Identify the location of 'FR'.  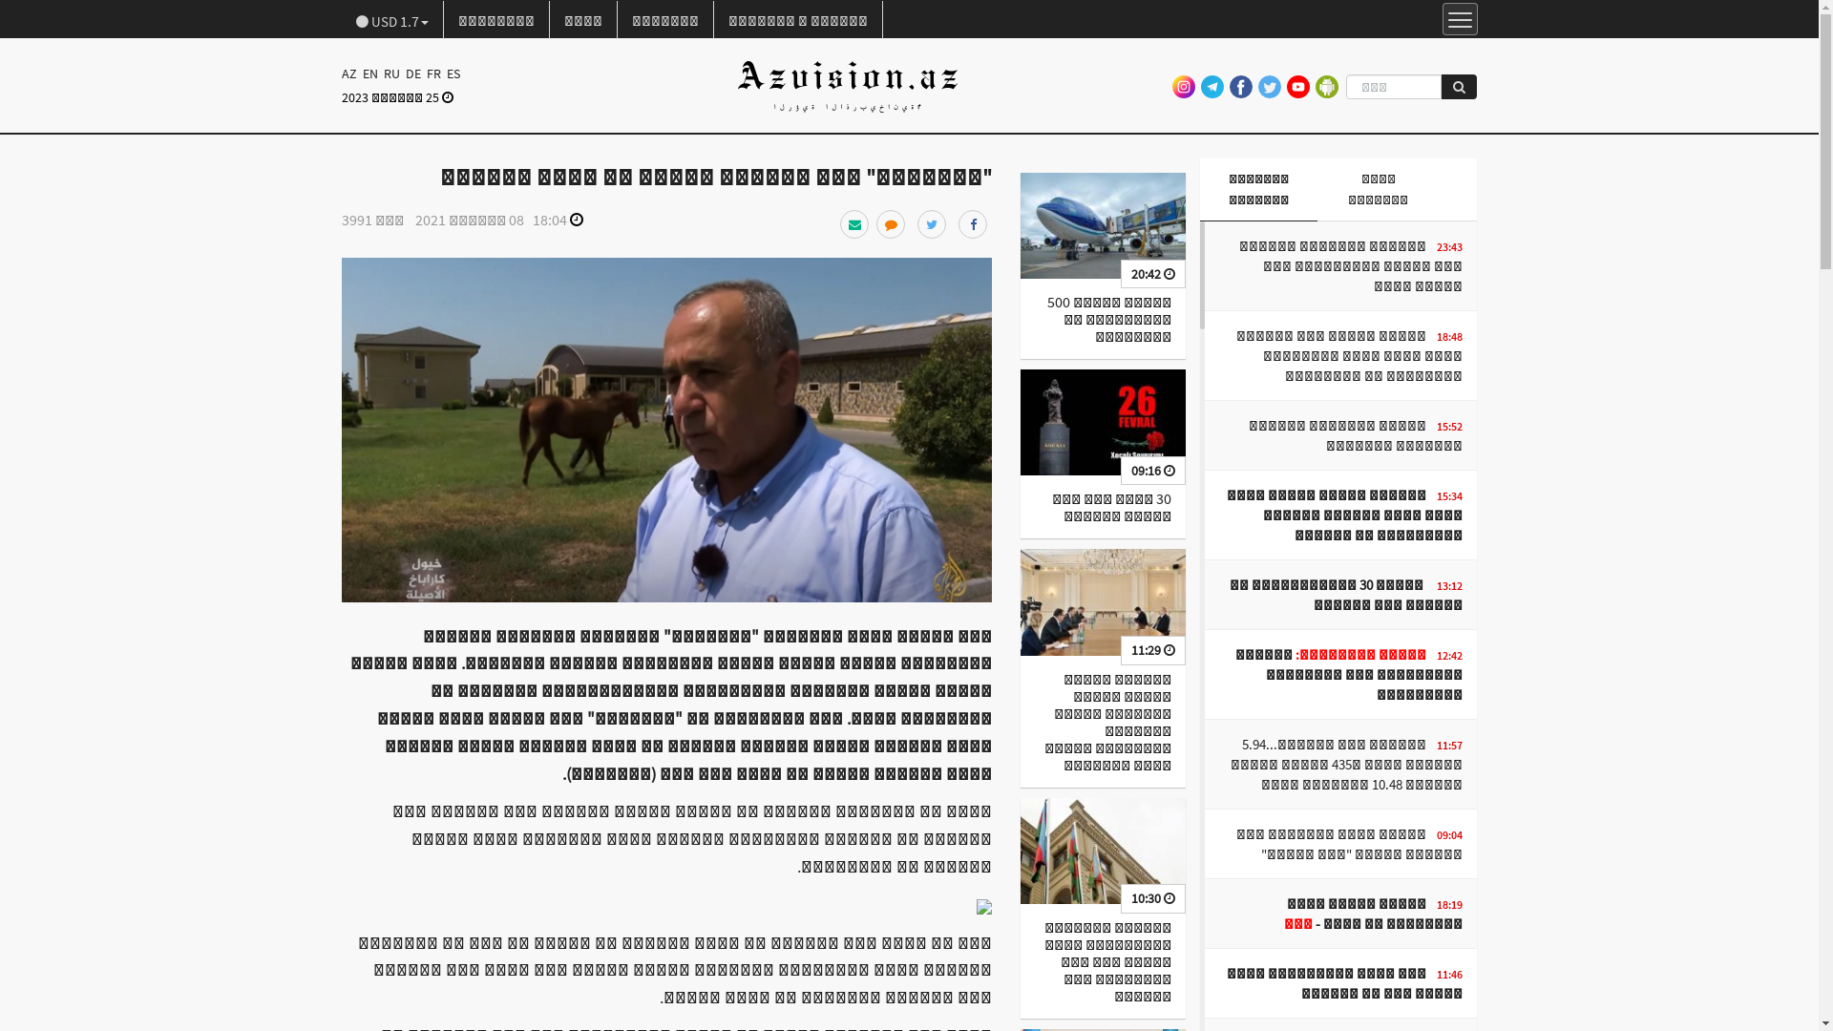
(432, 73).